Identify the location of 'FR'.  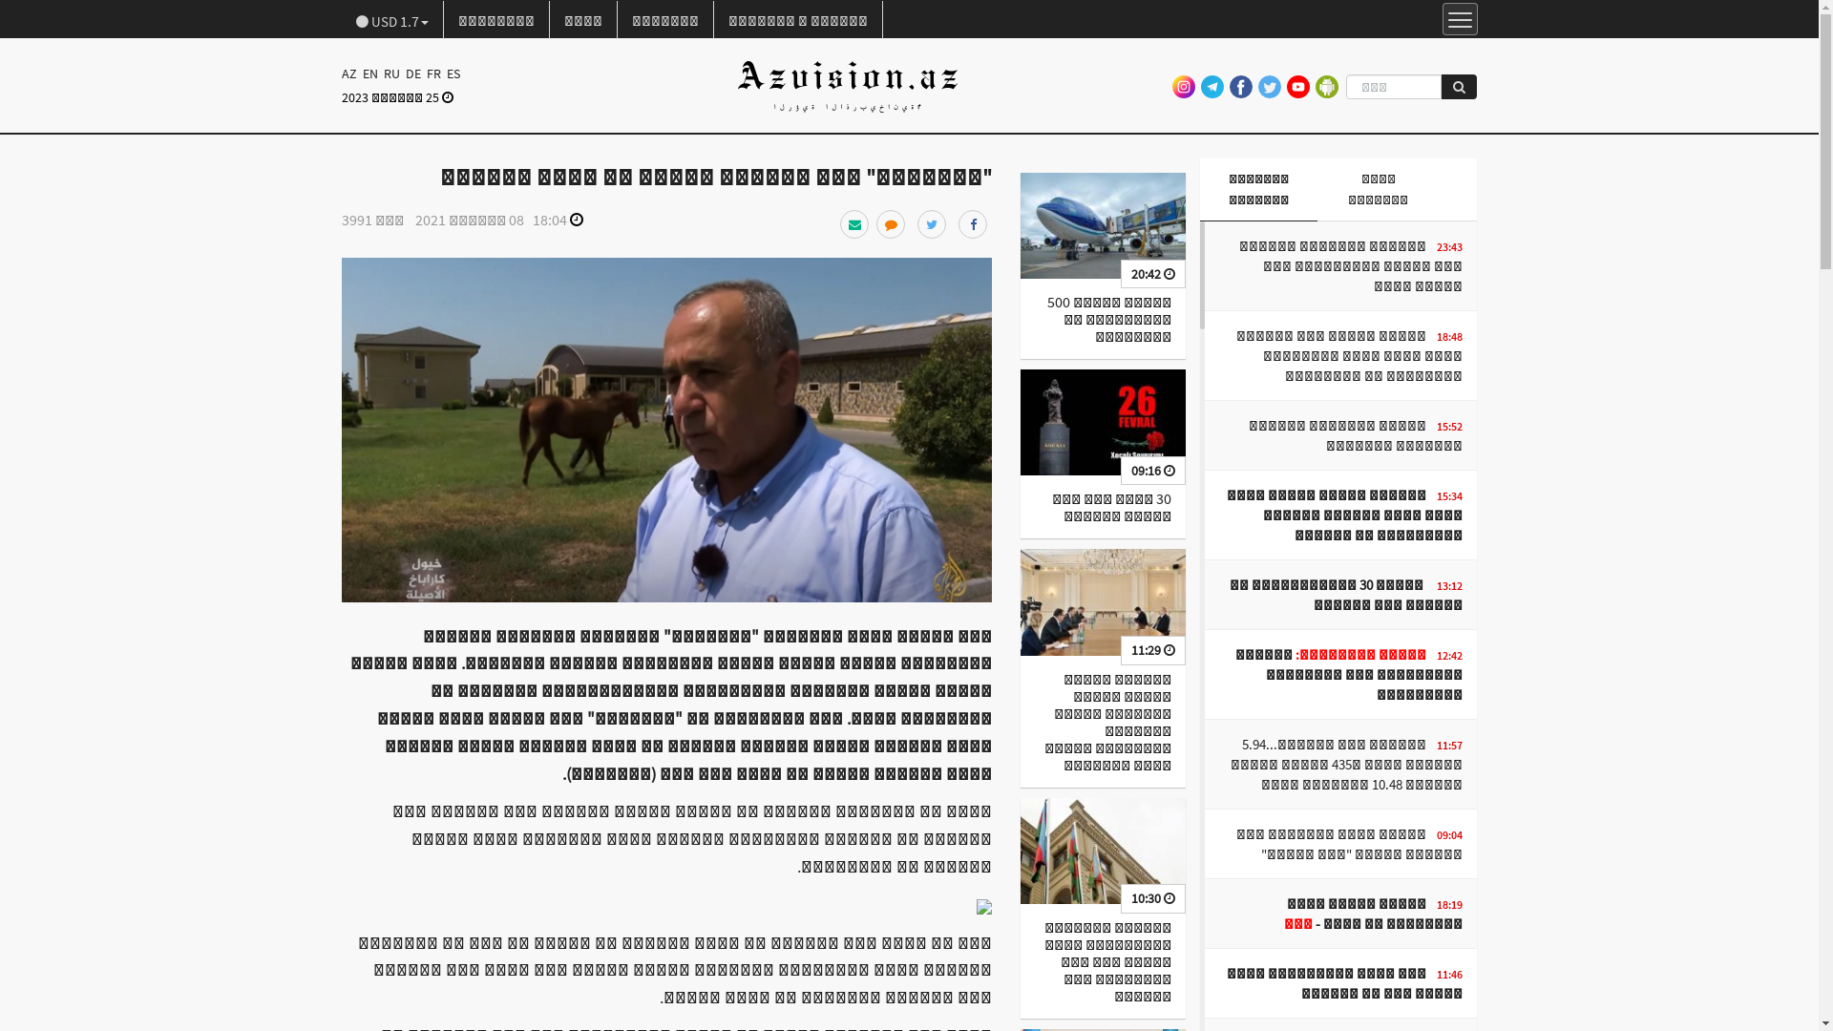
(432, 73).